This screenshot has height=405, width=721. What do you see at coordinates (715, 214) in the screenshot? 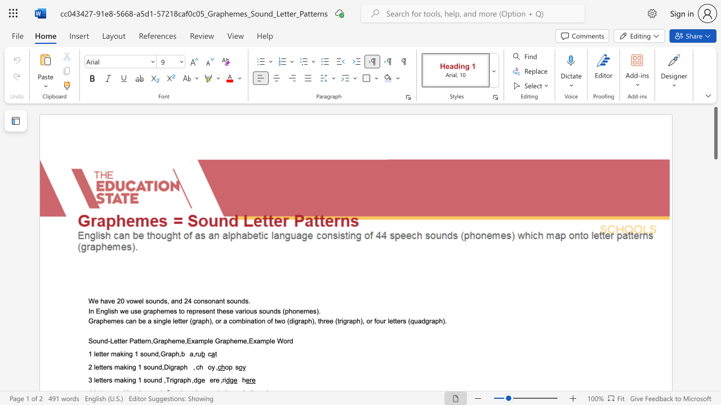
I see `the scrollbar to scroll the page down` at bounding box center [715, 214].